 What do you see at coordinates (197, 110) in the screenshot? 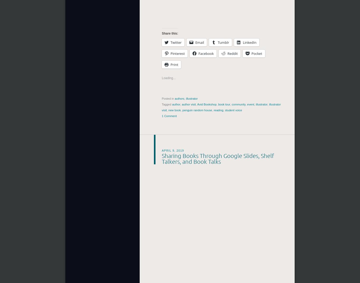
I see `'penguin random house'` at bounding box center [197, 110].